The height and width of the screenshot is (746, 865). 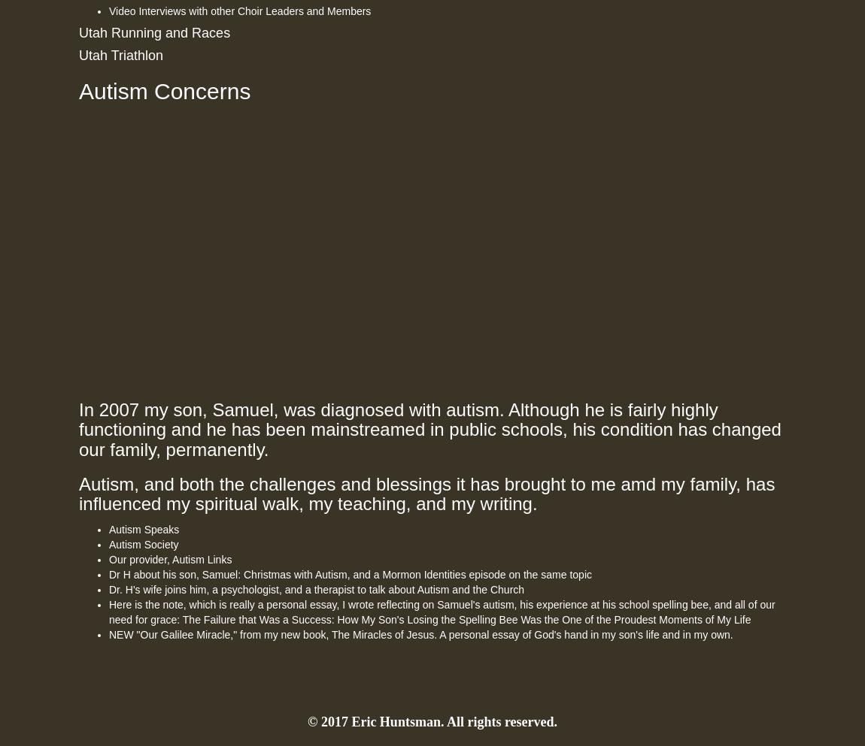 I want to click on 'Christmas with Autism', so click(x=295, y=573).